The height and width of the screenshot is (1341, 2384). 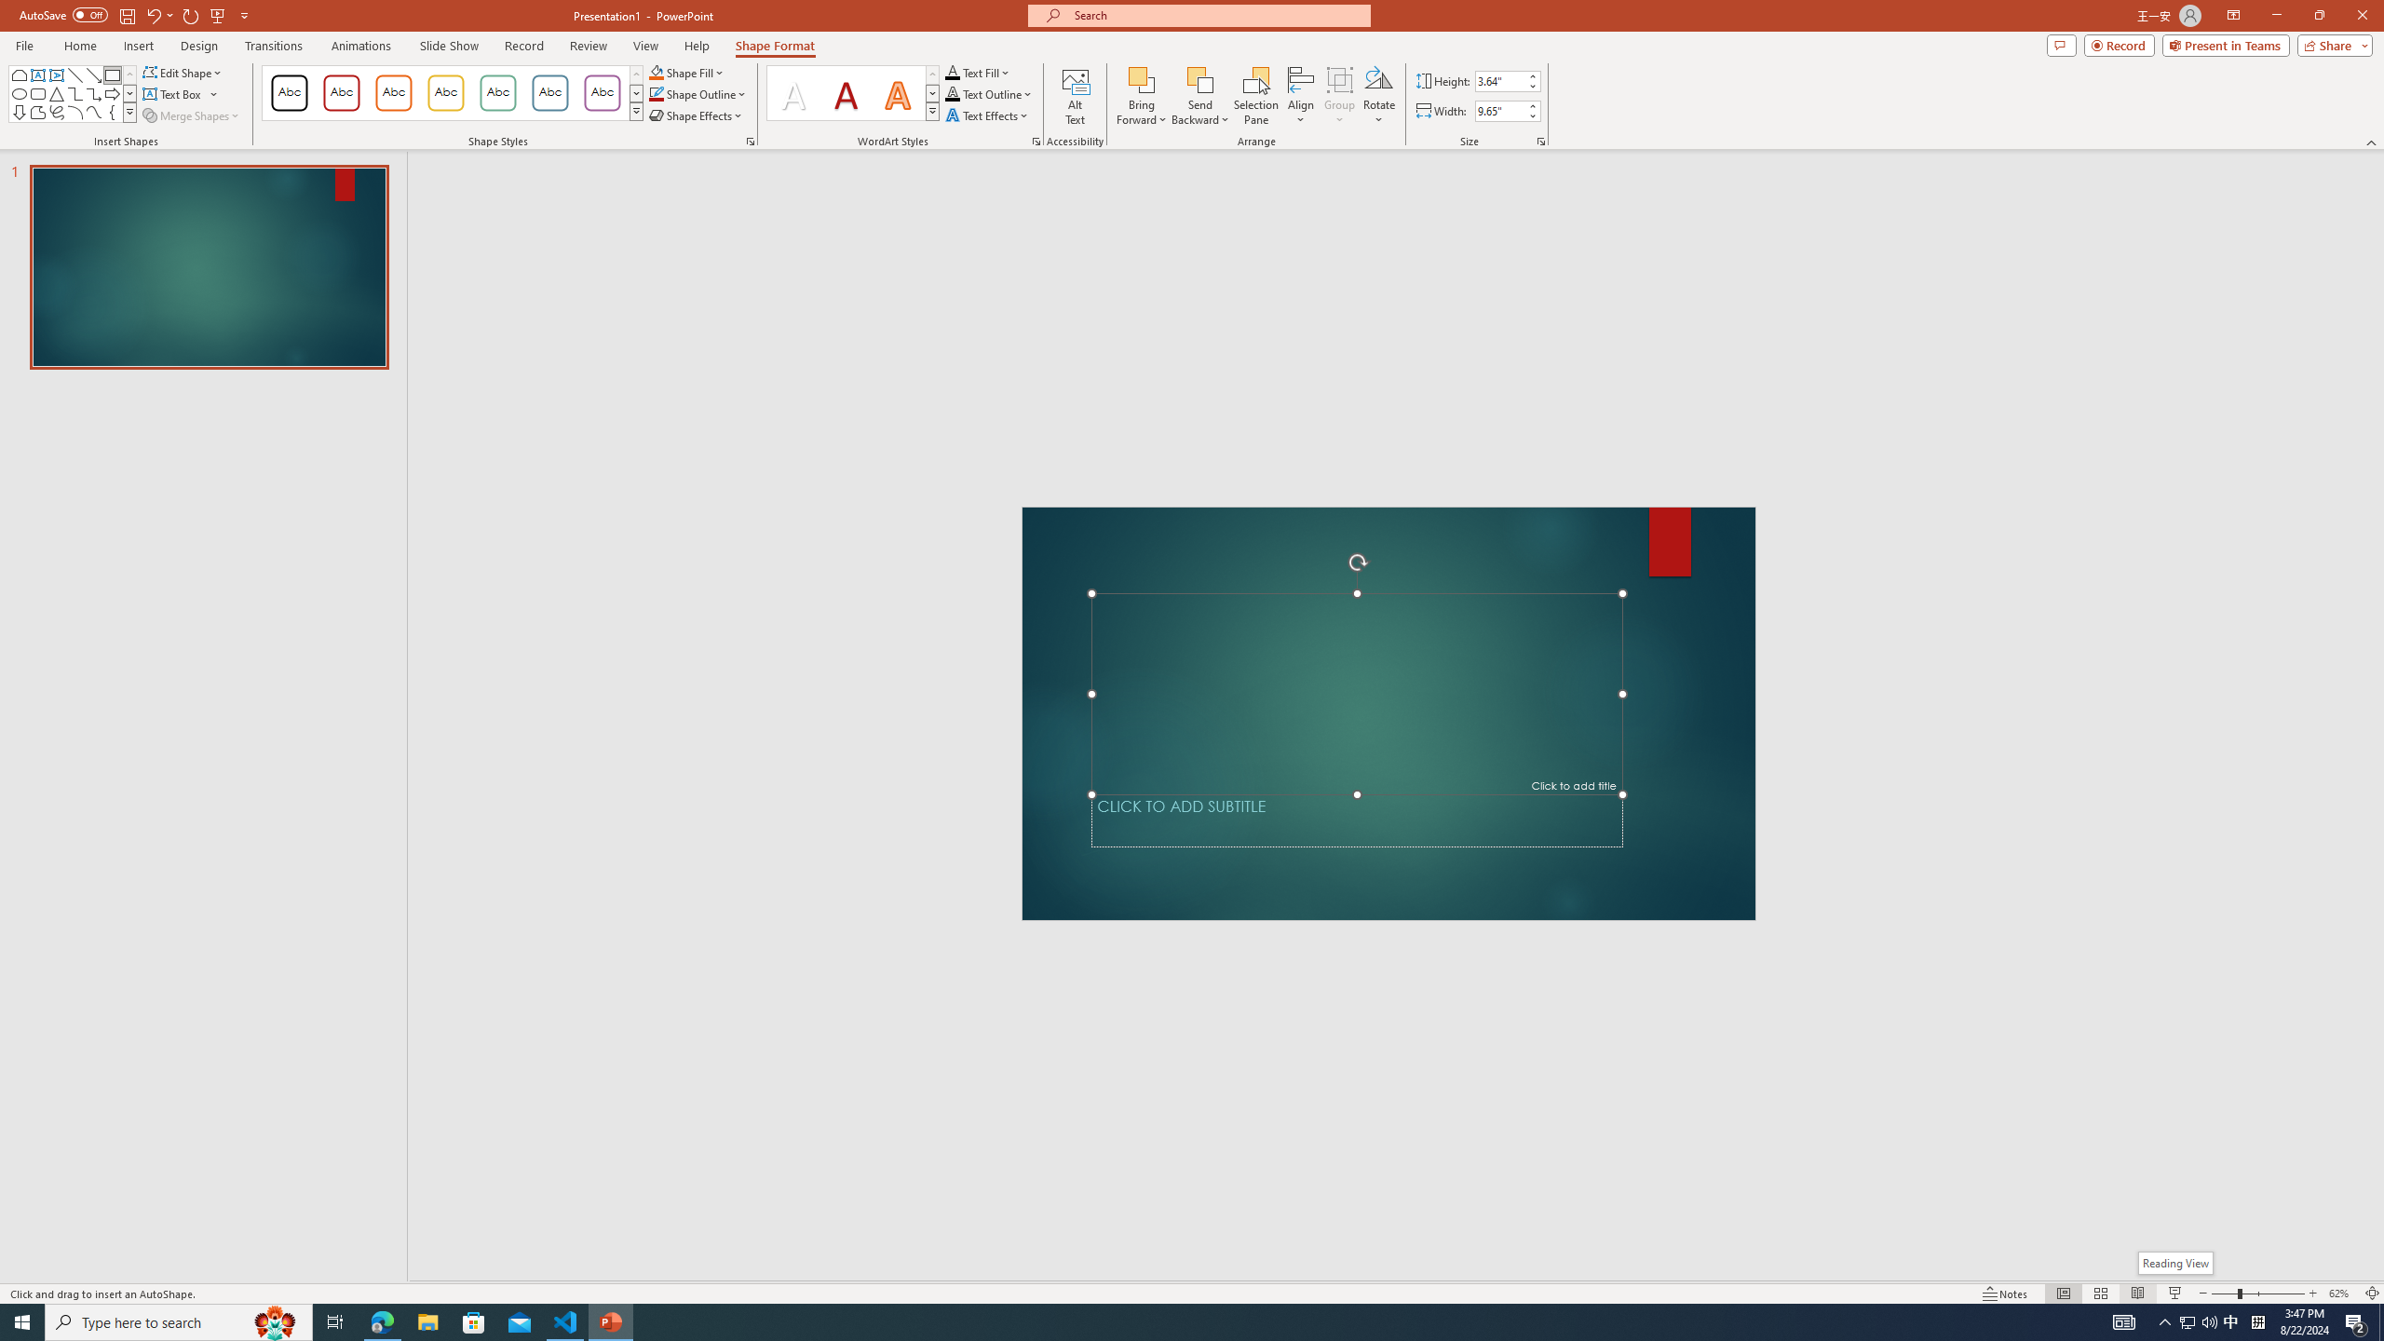 I want to click on 'Size and Position...', so click(x=1541, y=140).